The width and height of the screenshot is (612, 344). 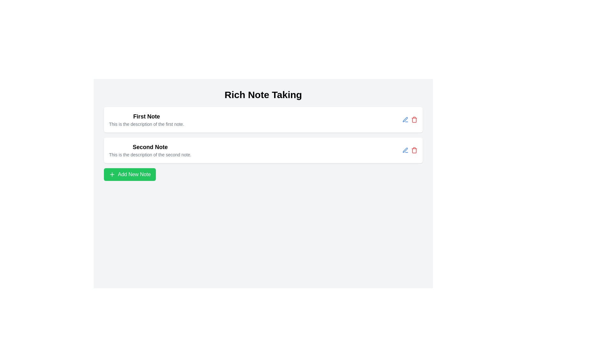 I want to click on the red trash can icon located at the top-right of the first note's card interface, so click(x=414, y=119).